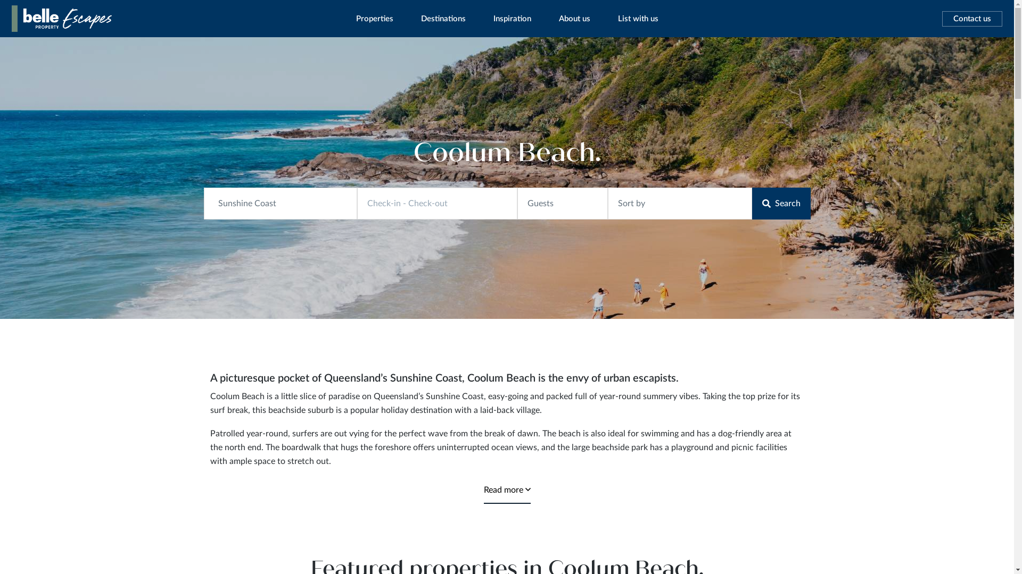  I want to click on 'Destinations', so click(416, 18).